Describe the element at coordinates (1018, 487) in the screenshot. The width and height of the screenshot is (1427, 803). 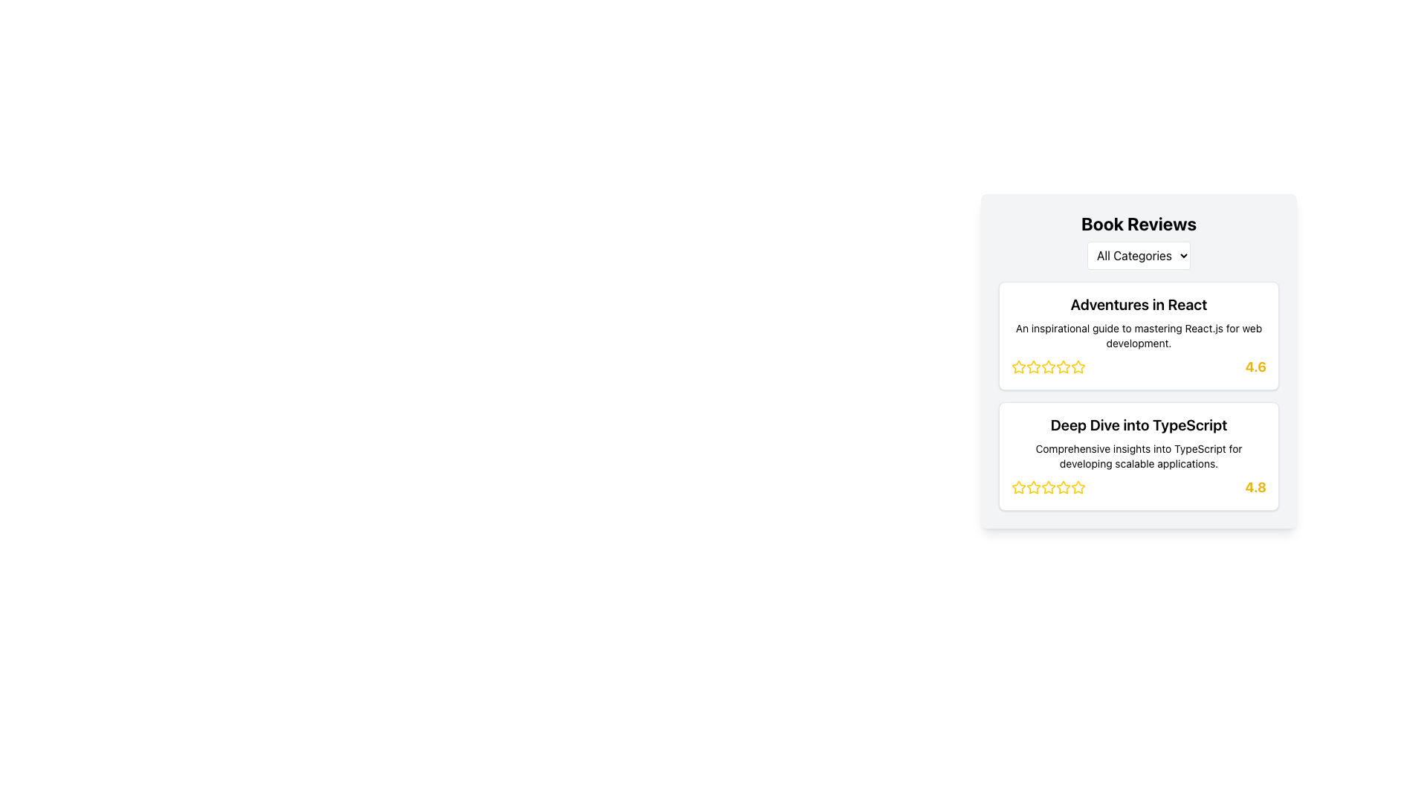
I see `the yellow star icon that is the first in a group of five, representing the rating for the book 'Deep Dive into TypeScript' in the 'Book Reviews' section` at that location.